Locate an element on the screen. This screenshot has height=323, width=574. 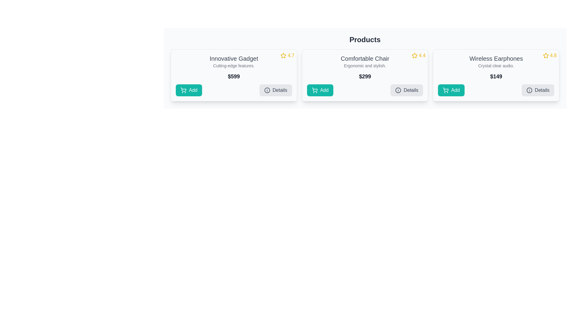
the price text label for the product 'Comfortable Chair', which is located below the descriptive text and above the action buttons in the central product card of the layout is located at coordinates (364, 76).